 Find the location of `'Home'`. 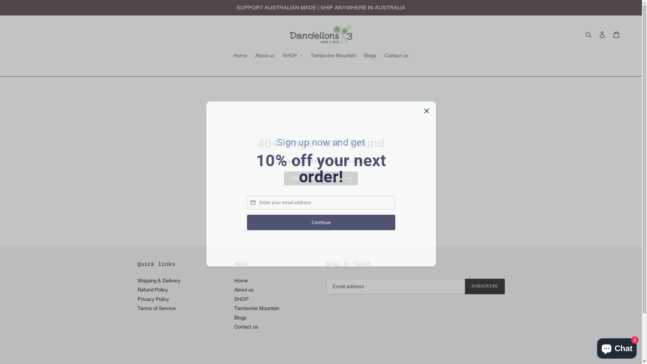

'Home' is located at coordinates (241, 280).